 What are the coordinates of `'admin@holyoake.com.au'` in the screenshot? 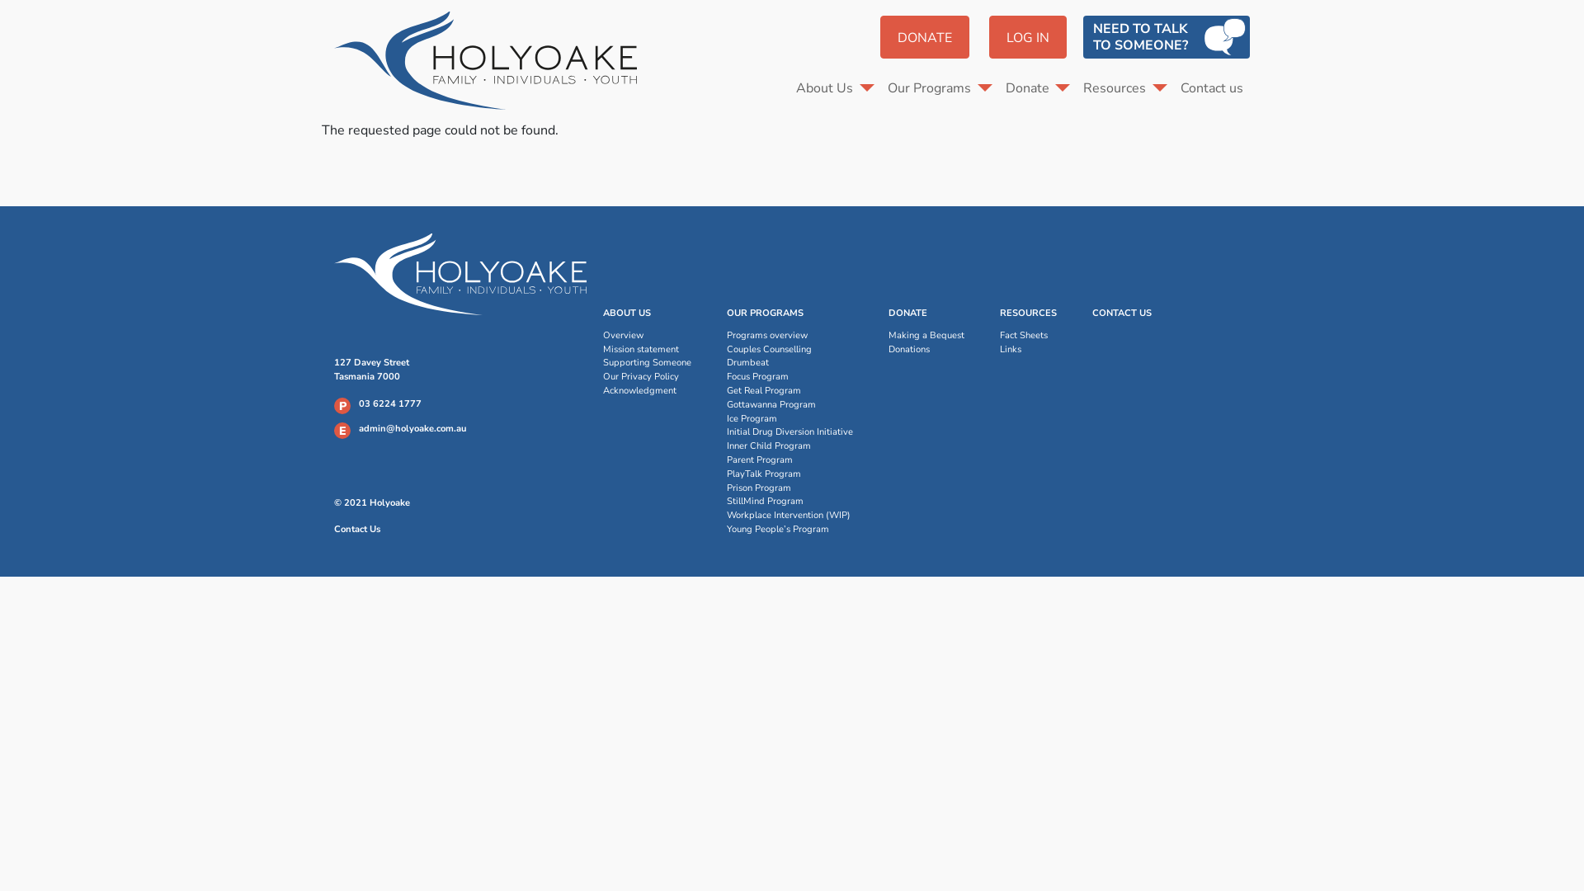 It's located at (358, 427).